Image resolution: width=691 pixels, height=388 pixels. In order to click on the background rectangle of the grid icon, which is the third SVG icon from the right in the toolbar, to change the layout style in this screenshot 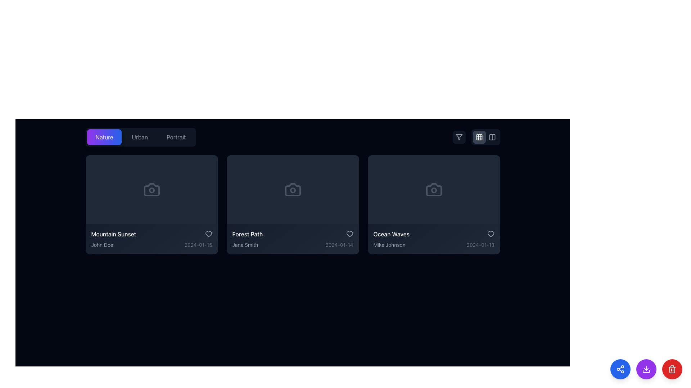, I will do `click(479, 137)`.